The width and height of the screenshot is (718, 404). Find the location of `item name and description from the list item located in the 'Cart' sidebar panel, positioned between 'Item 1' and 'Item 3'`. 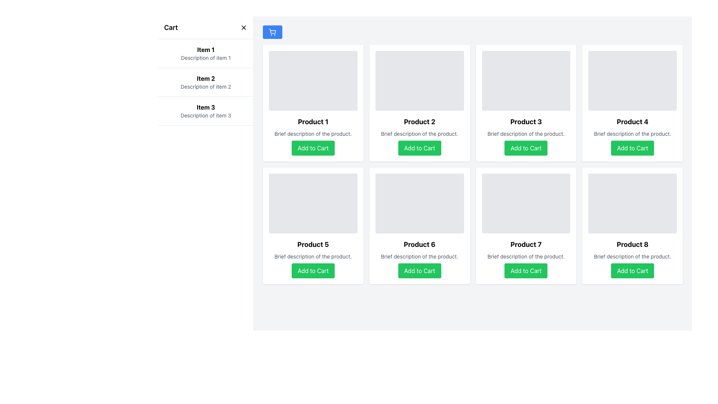

item name and description from the list item located in the 'Cart' sidebar panel, positioned between 'Item 1' and 'Item 3' is located at coordinates (206, 82).